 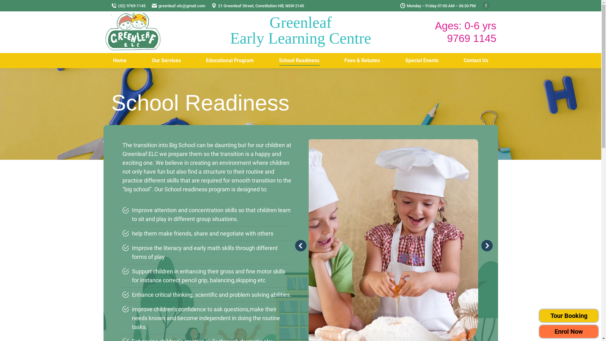 I want to click on 'Special Events', so click(x=396, y=61).